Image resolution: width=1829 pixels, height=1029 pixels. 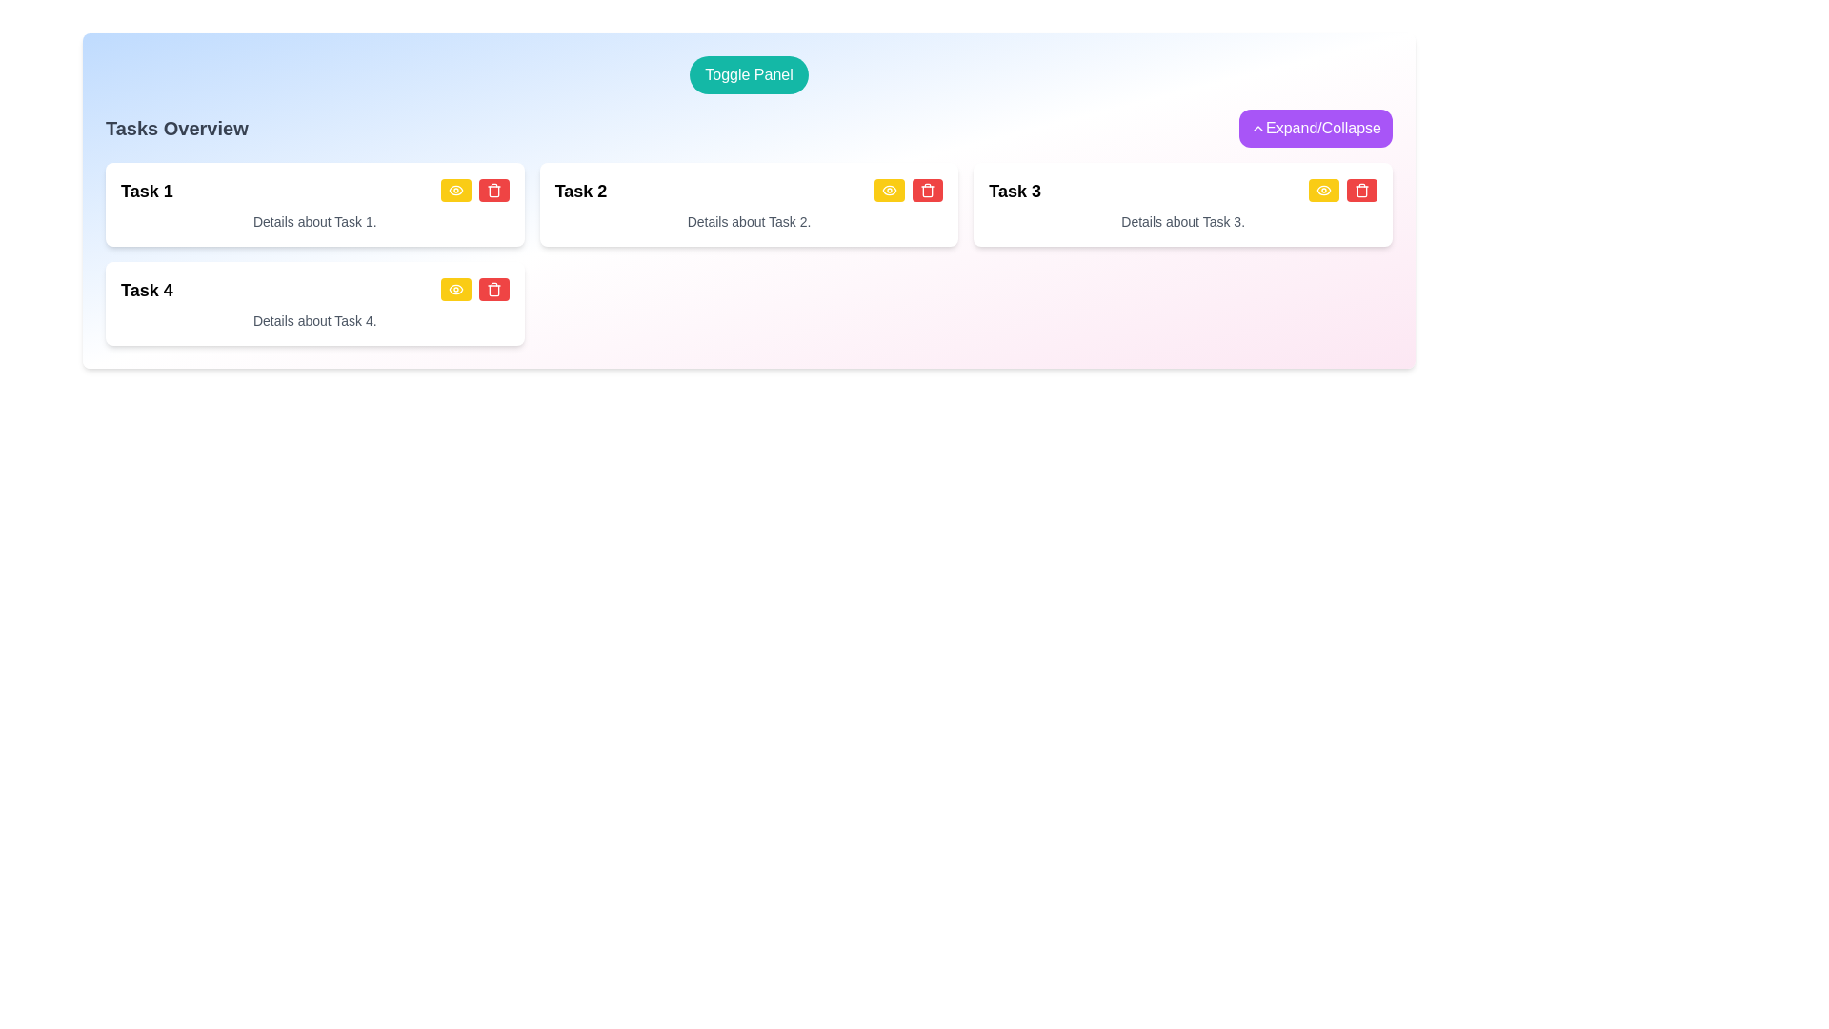 I want to click on the yellow eye-shaped icon representing the visibility toggle for 'Task 3', located immediately to the left of the red delete icon, so click(x=1322, y=190).